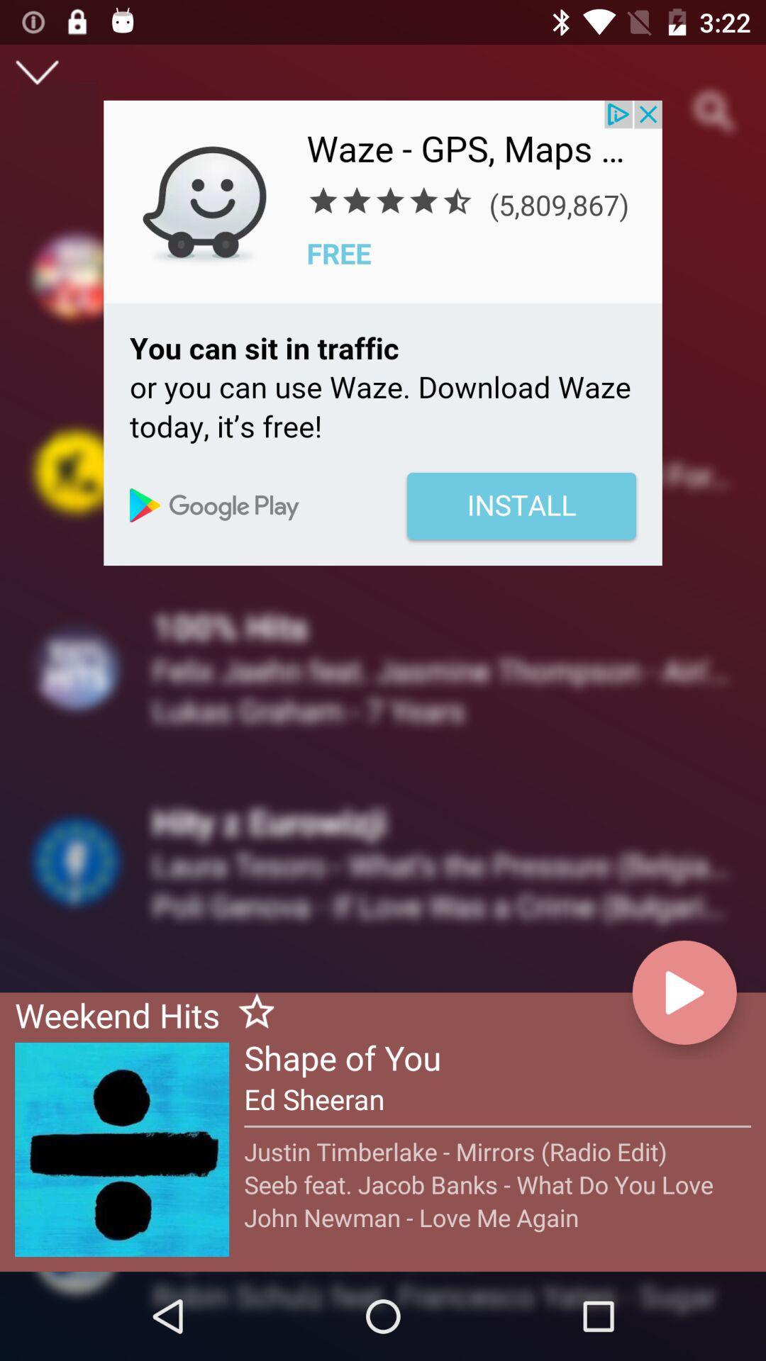 The height and width of the screenshot is (1361, 766). Describe the element at coordinates (684, 992) in the screenshot. I see `the play icon` at that location.